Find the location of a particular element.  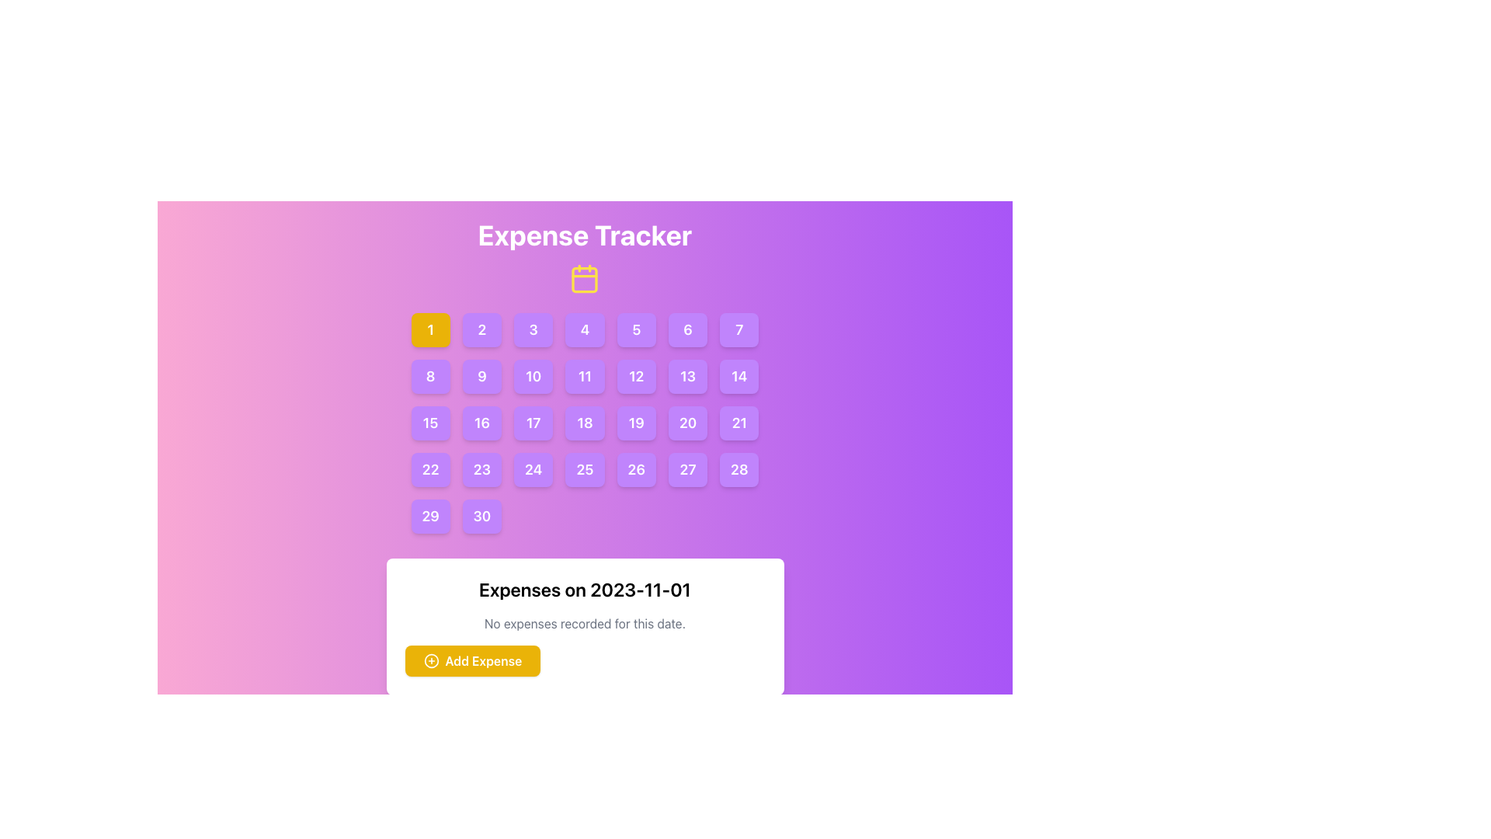

the calendar day button displaying the number '25' is located at coordinates (584, 469).